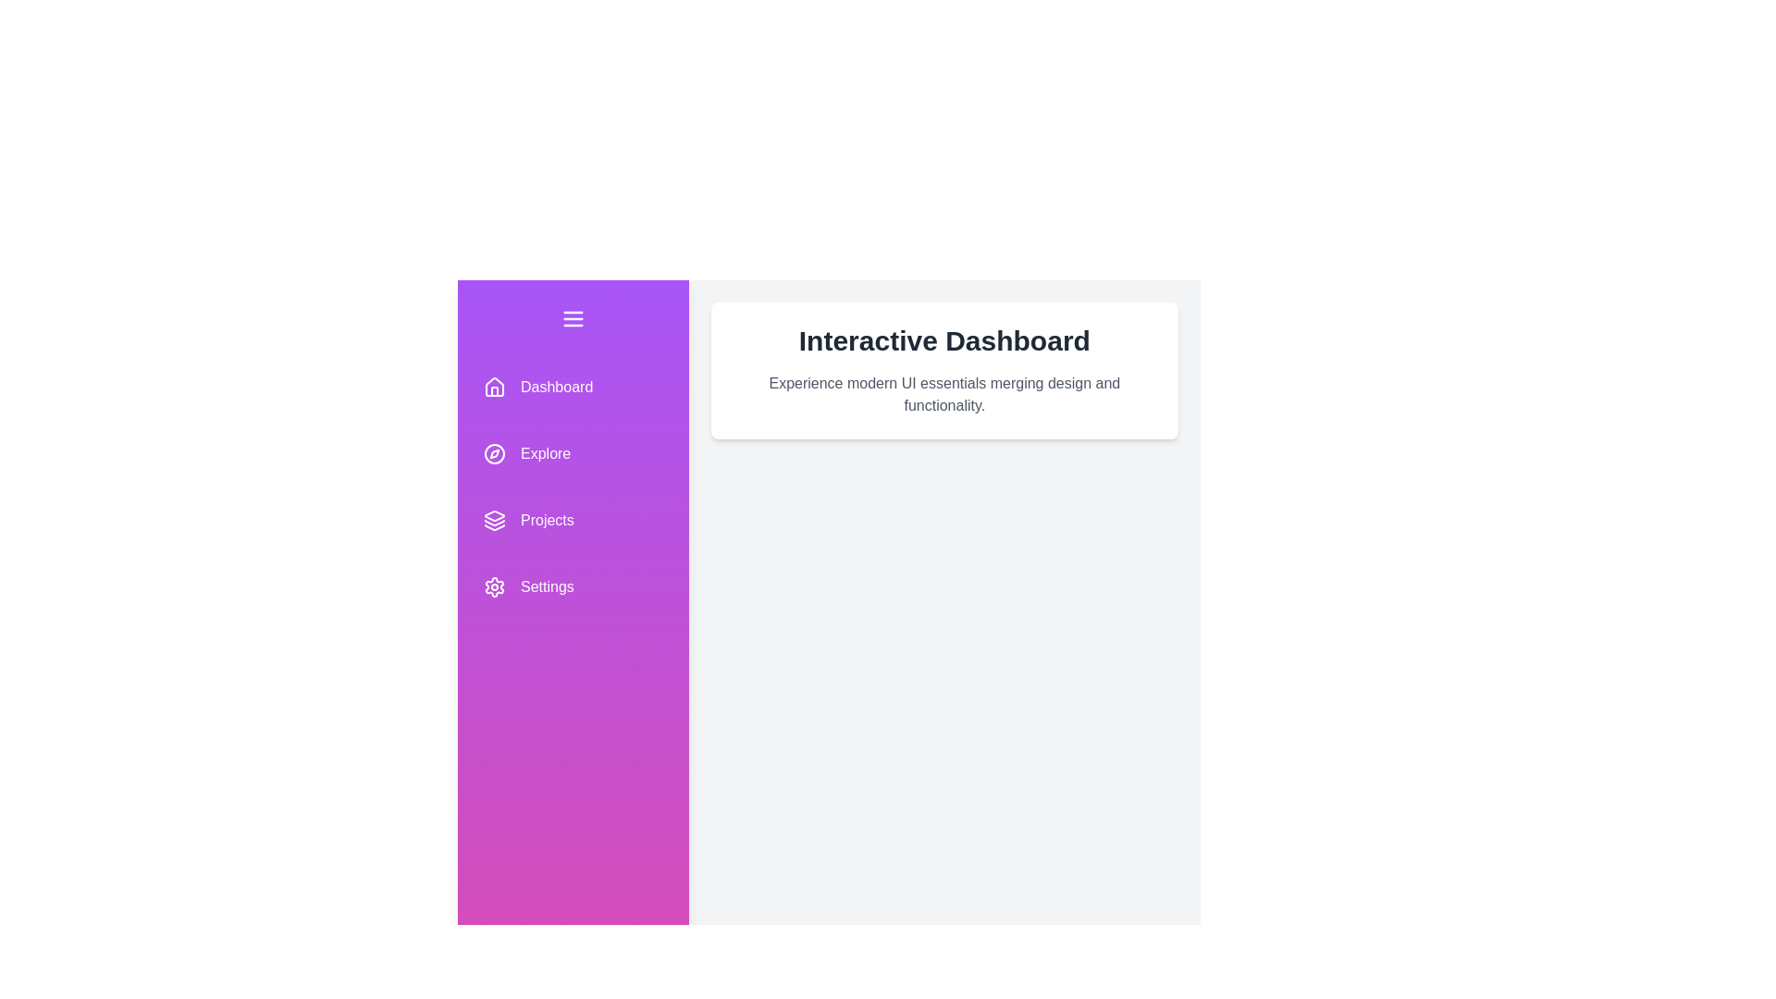 This screenshot has height=999, width=1776. Describe the element at coordinates (572, 317) in the screenshot. I see `the menu button to toggle the navigation drawer` at that location.